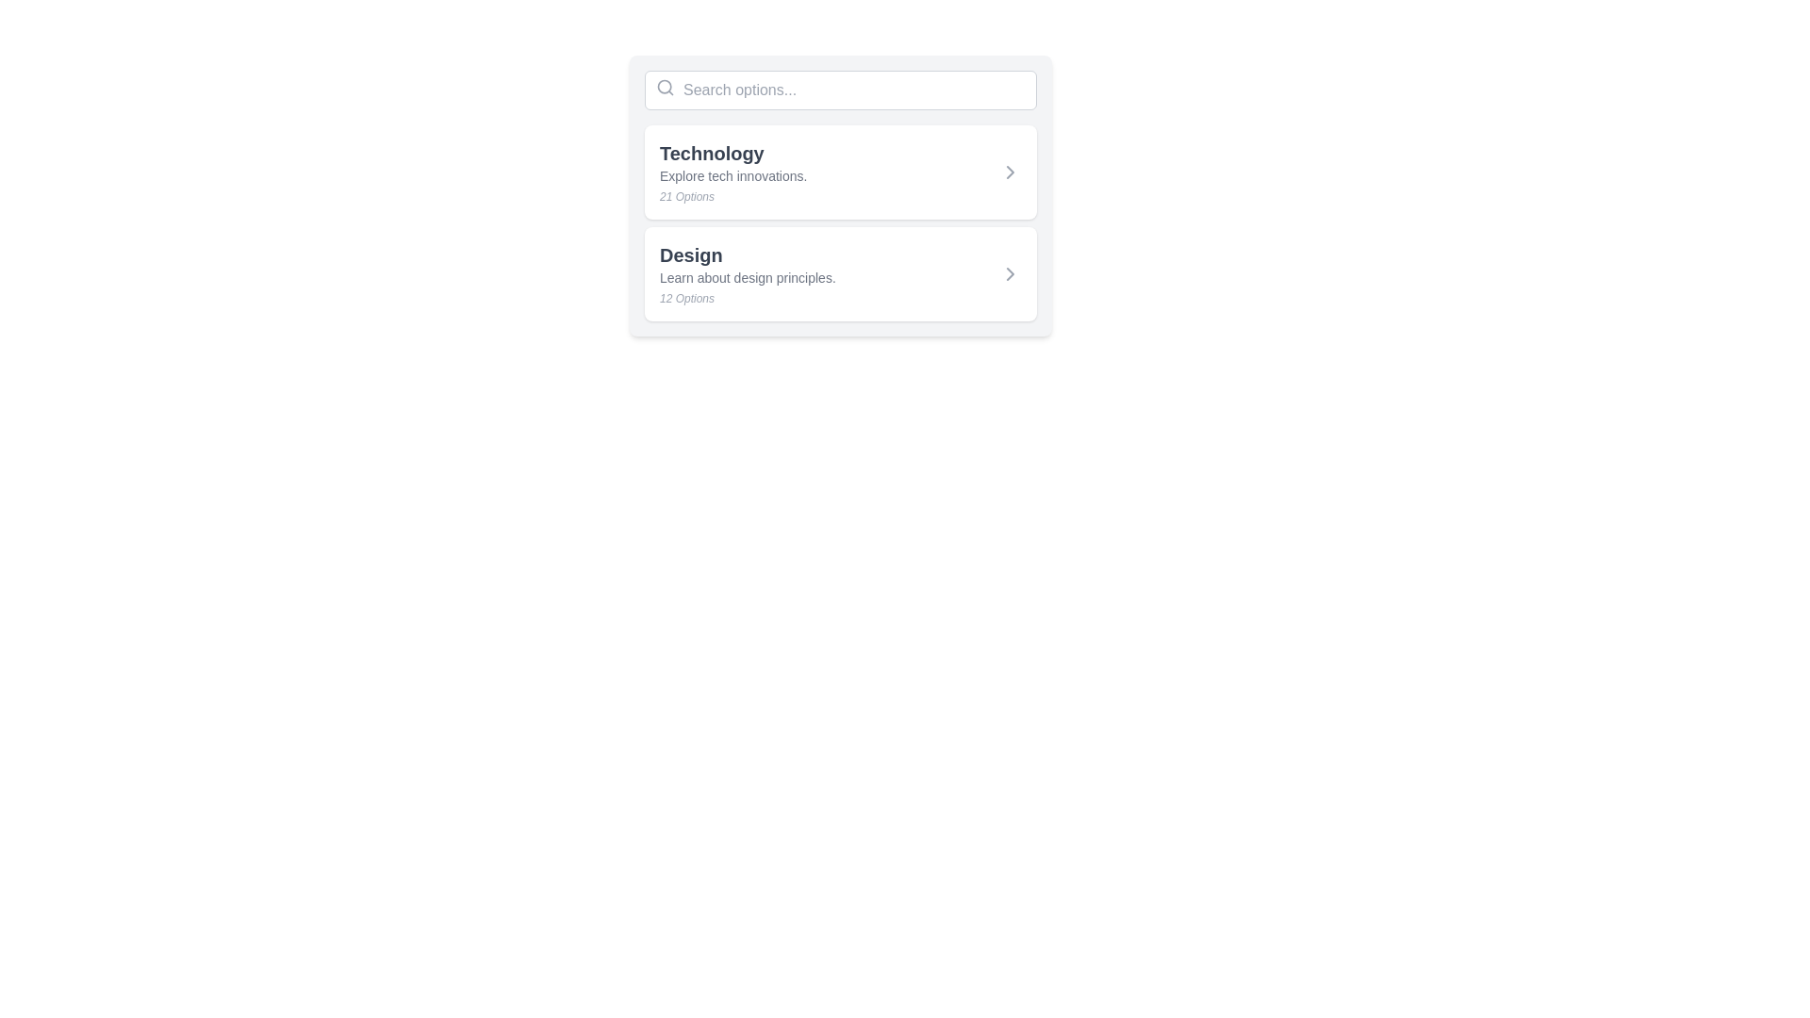  Describe the element at coordinates (1009, 172) in the screenshot. I see `the small rightward-pointing chevron icon in the 'Technology' section` at that location.